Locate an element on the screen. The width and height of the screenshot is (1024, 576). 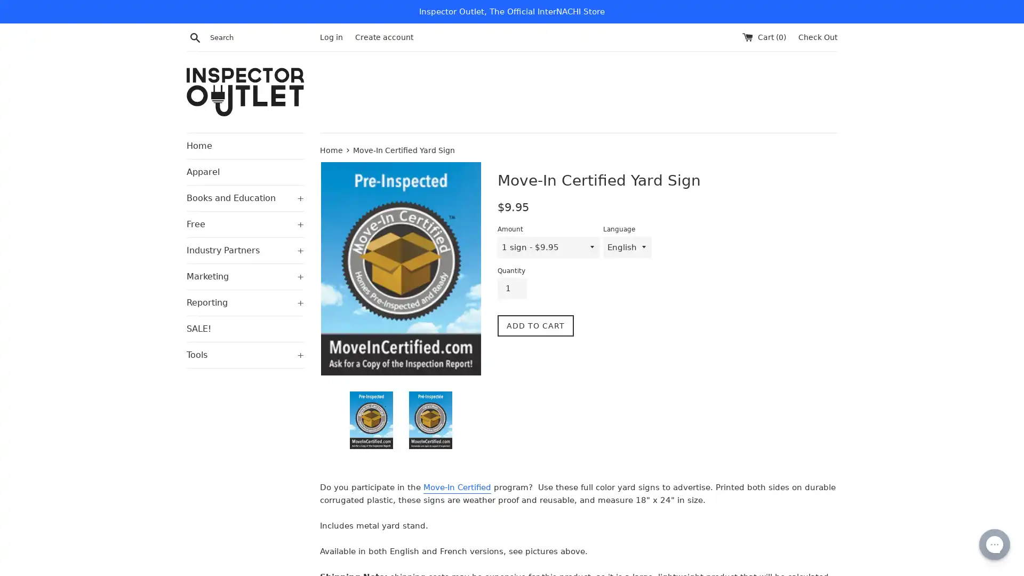
Books and Education + is located at coordinates (245, 197).